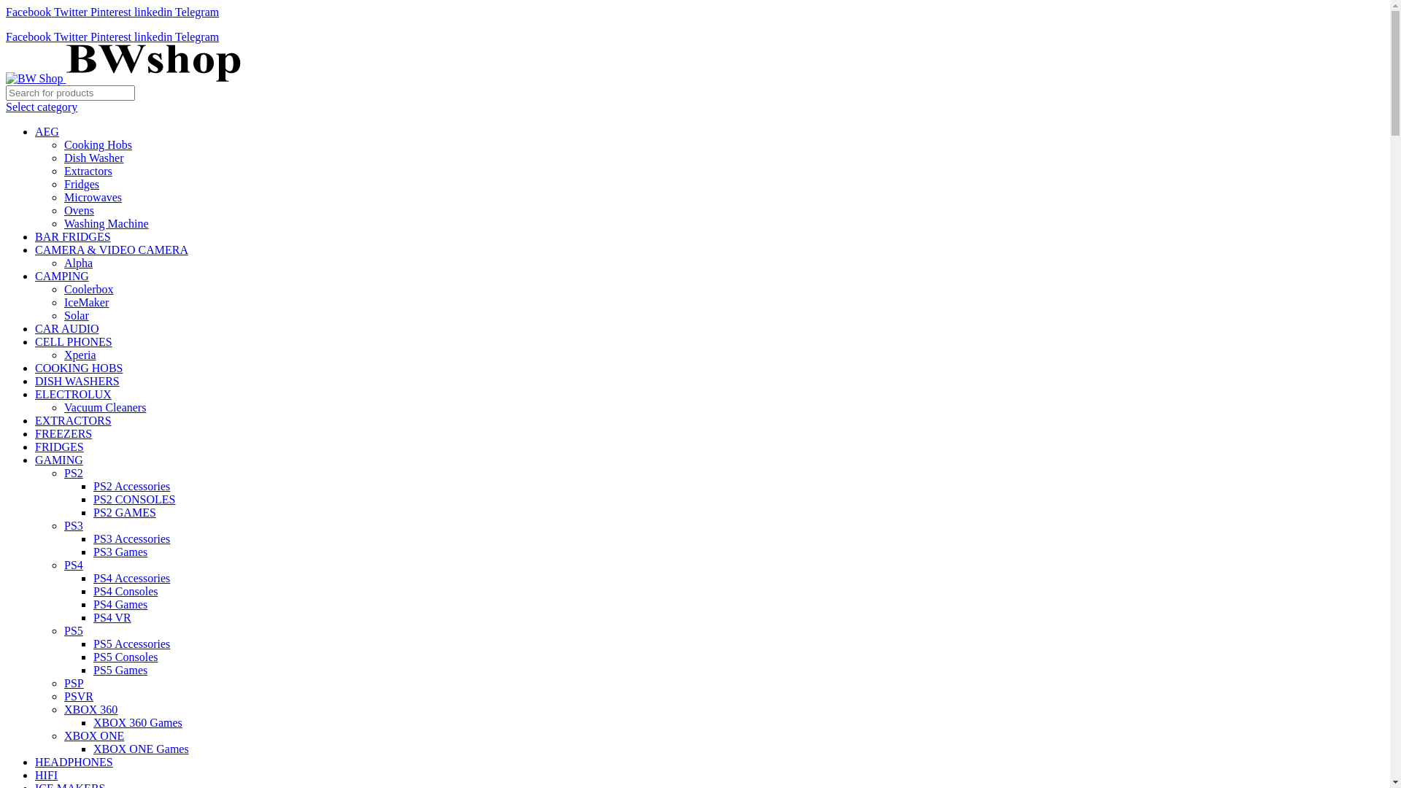  What do you see at coordinates (63, 525) in the screenshot?
I see `'PS3'` at bounding box center [63, 525].